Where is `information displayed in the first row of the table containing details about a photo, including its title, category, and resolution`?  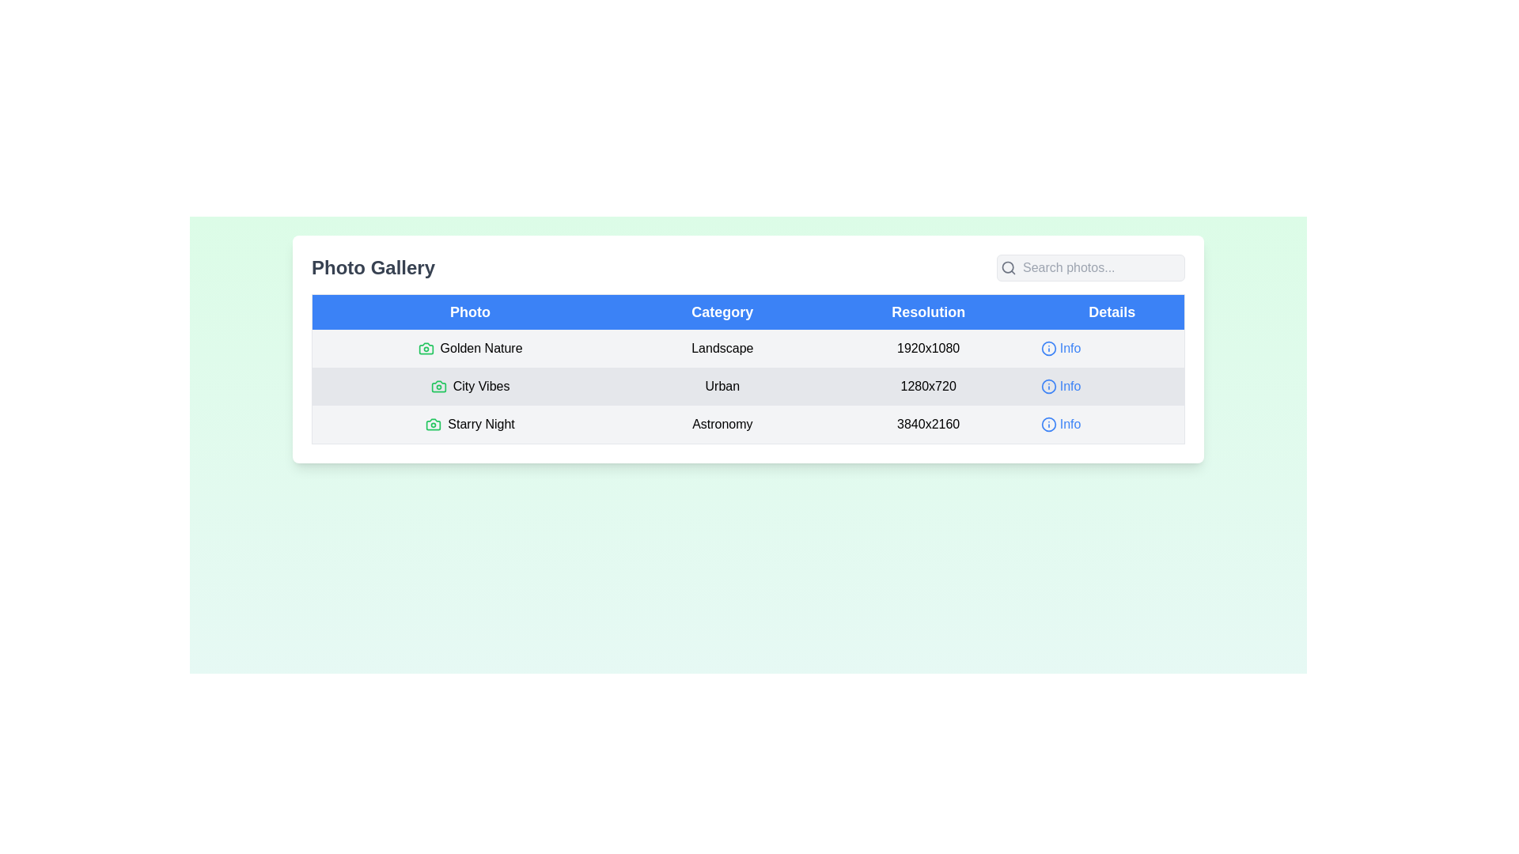
information displayed in the first row of the table containing details about a photo, including its title, category, and resolution is located at coordinates (747, 347).